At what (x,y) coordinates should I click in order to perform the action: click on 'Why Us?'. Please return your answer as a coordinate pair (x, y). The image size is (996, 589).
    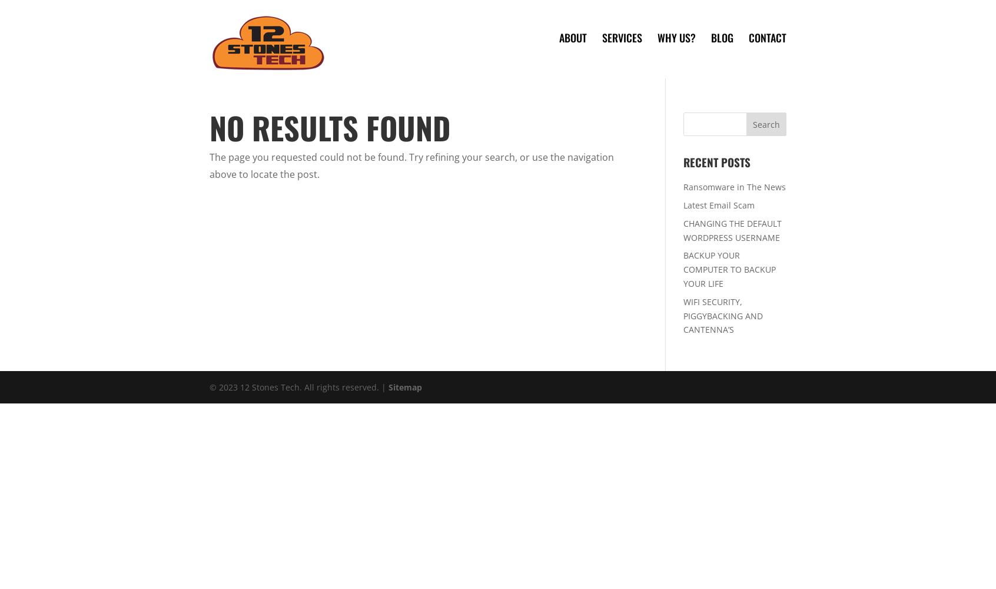
    Looking at the image, I should click on (676, 37).